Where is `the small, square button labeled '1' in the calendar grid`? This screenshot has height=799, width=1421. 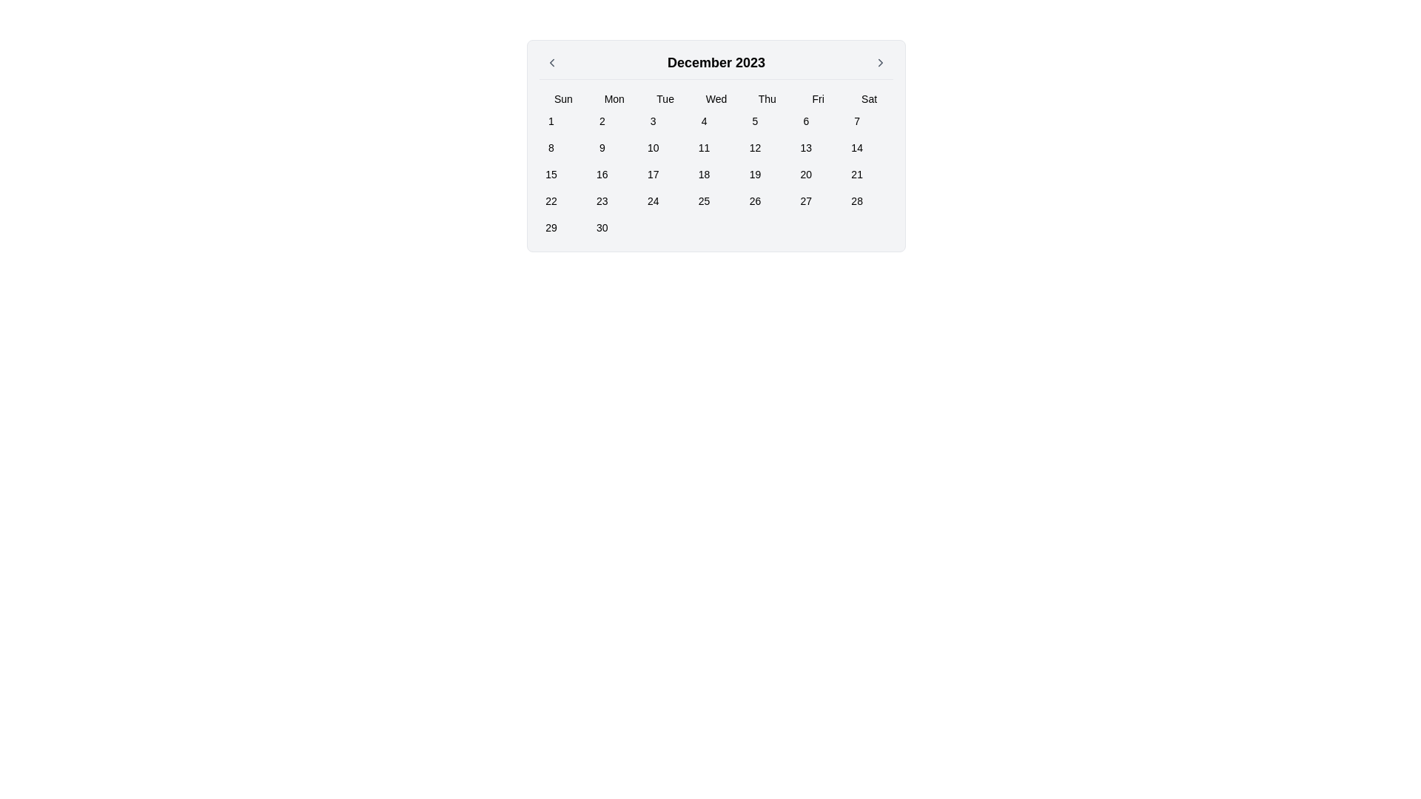
the small, square button labeled '1' in the calendar grid is located at coordinates (550, 121).